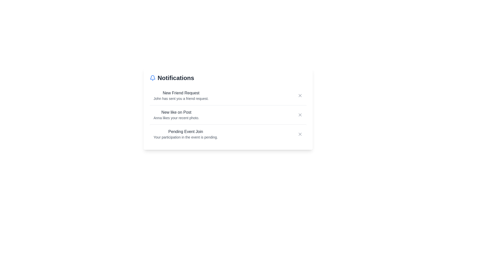 The height and width of the screenshot is (271, 483). I want to click on the notification container for New like on Post, so click(228, 115).